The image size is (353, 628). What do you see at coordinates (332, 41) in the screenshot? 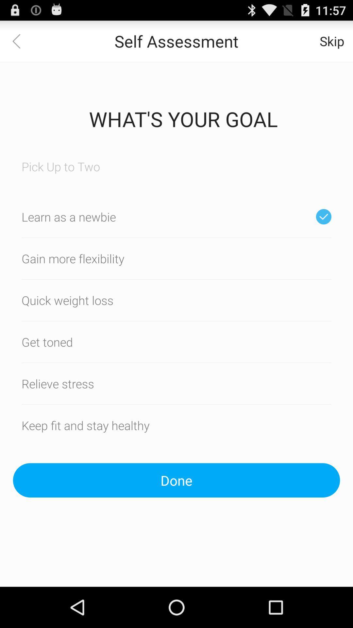
I see `the app to the right of the self assessment app` at bounding box center [332, 41].